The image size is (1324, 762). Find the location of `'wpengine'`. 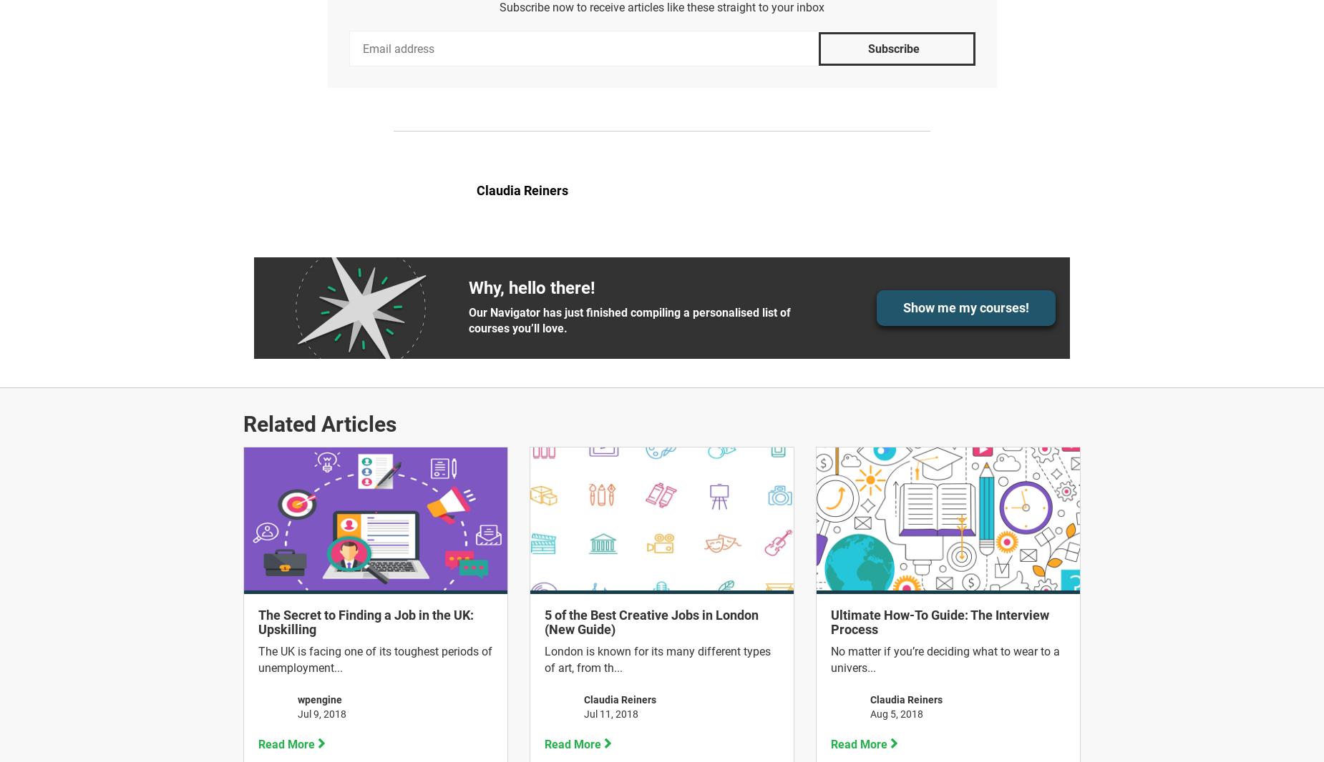

'wpengine' is located at coordinates (297, 698).